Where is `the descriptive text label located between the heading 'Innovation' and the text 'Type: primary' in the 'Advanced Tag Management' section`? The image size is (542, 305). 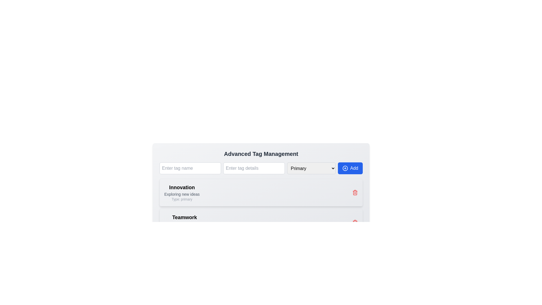 the descriptive text label located between the heading 'Innovation' and the text 'Type: primary' in the 'Advanced Tag Management' section is located at coordinates (182, 194).